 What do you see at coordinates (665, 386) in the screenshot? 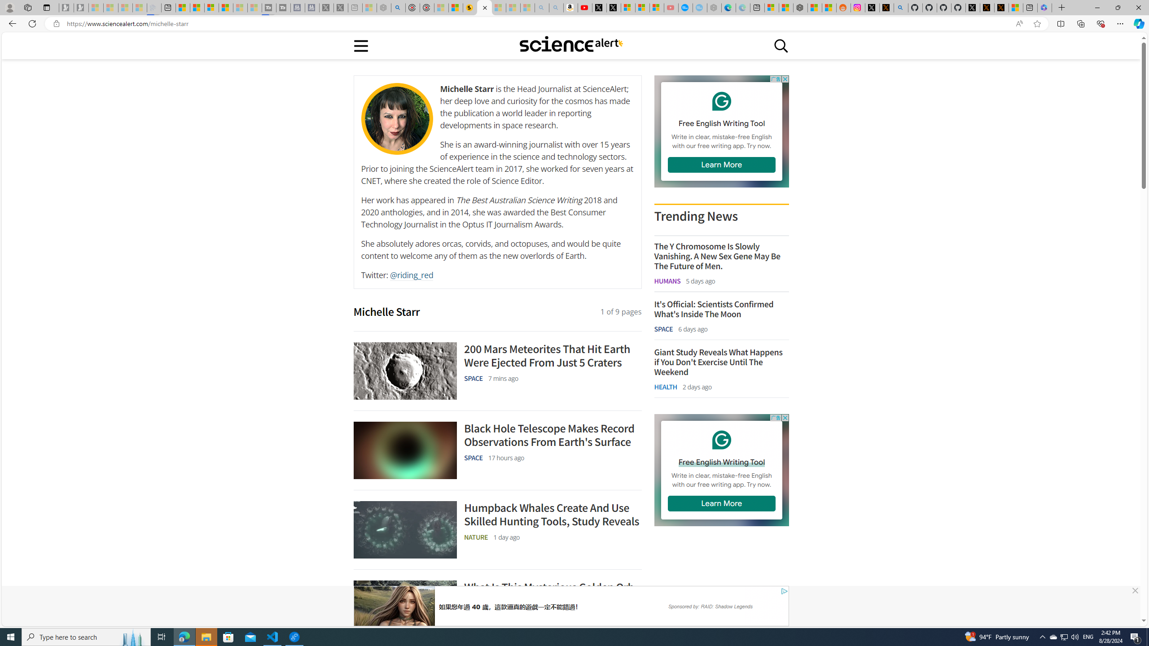
I see `'HEALTH'` at bounding box center [665, 386].